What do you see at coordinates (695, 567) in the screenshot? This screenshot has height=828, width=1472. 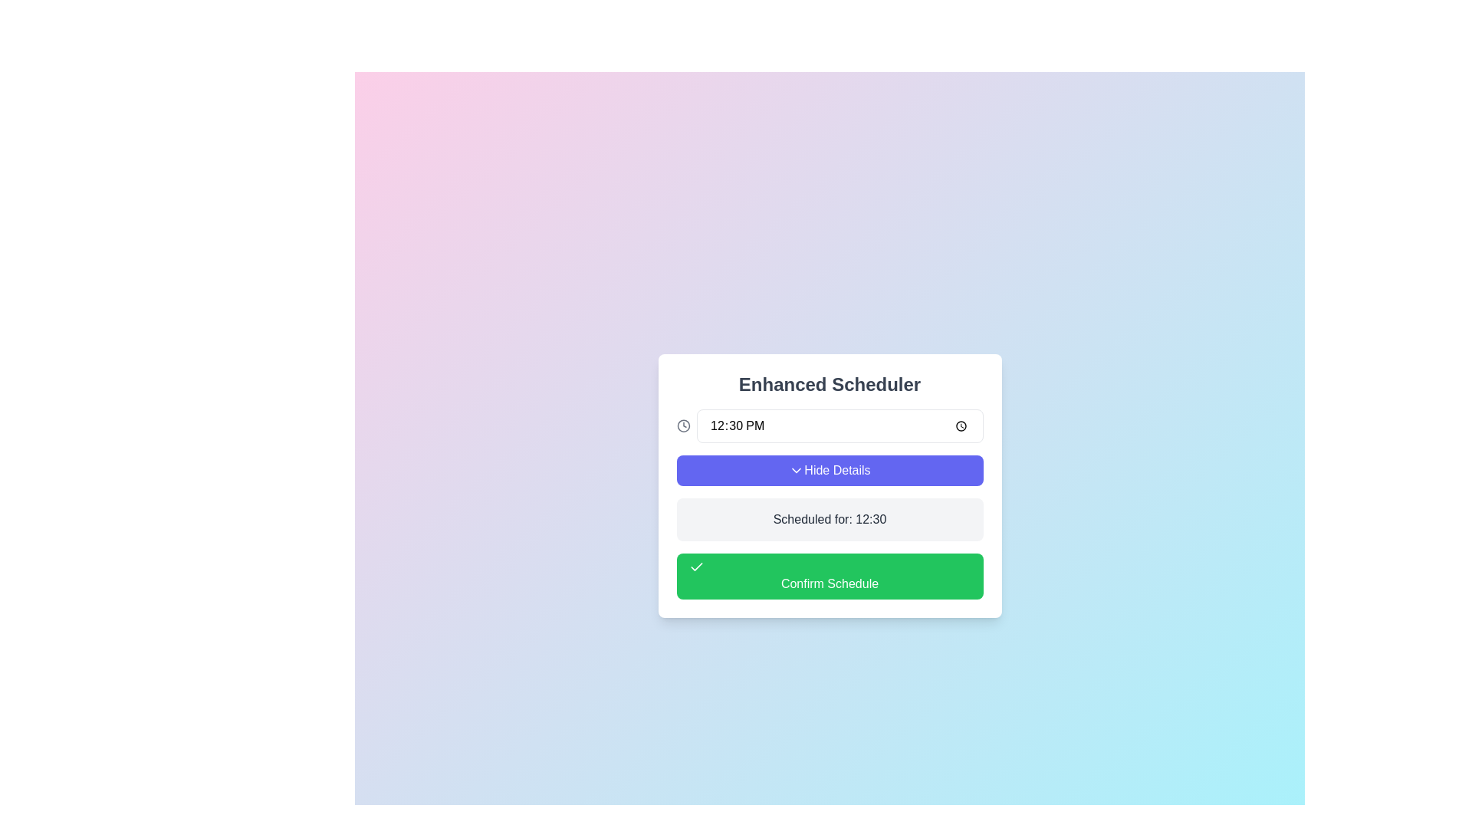 I see `the SVG checkmark icon located at the left edge of the green 'Confirm Schedule' button in the scheduling dialog` at bounding box center [695, 567].